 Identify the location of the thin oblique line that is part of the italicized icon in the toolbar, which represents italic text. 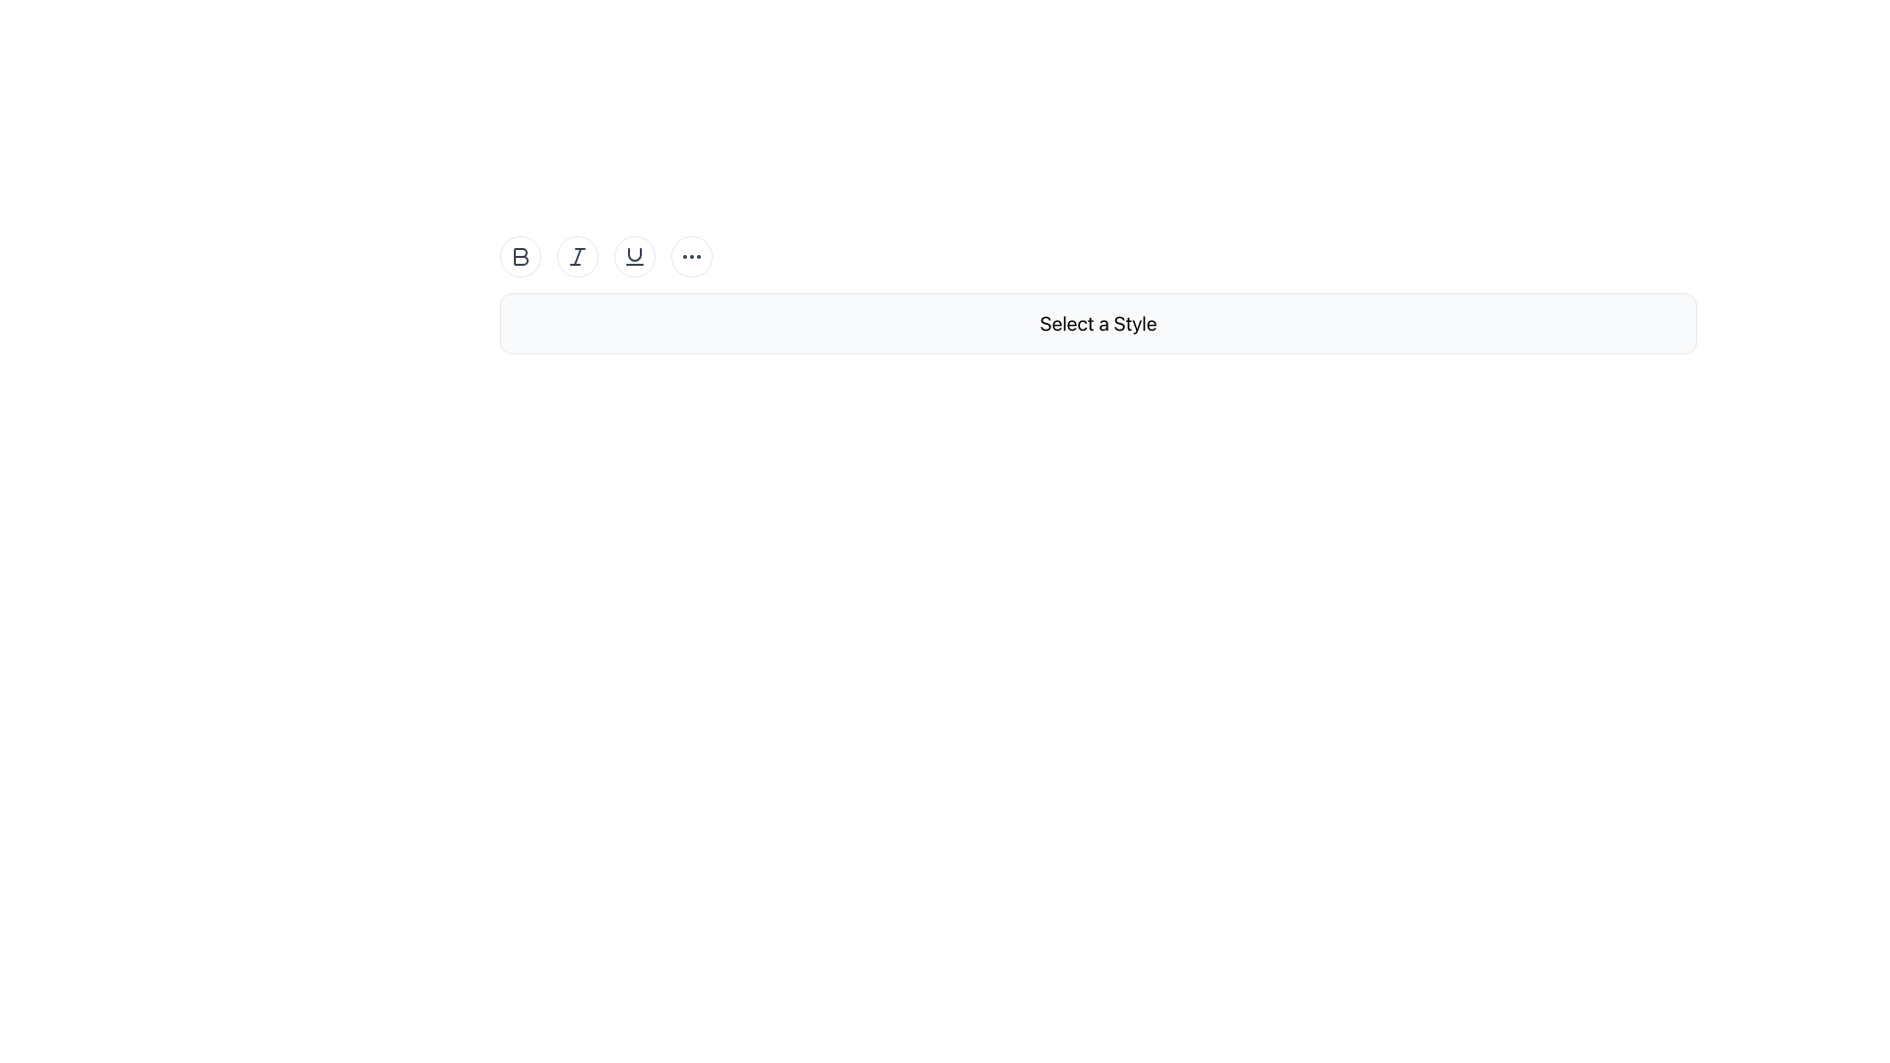
(576, 256).